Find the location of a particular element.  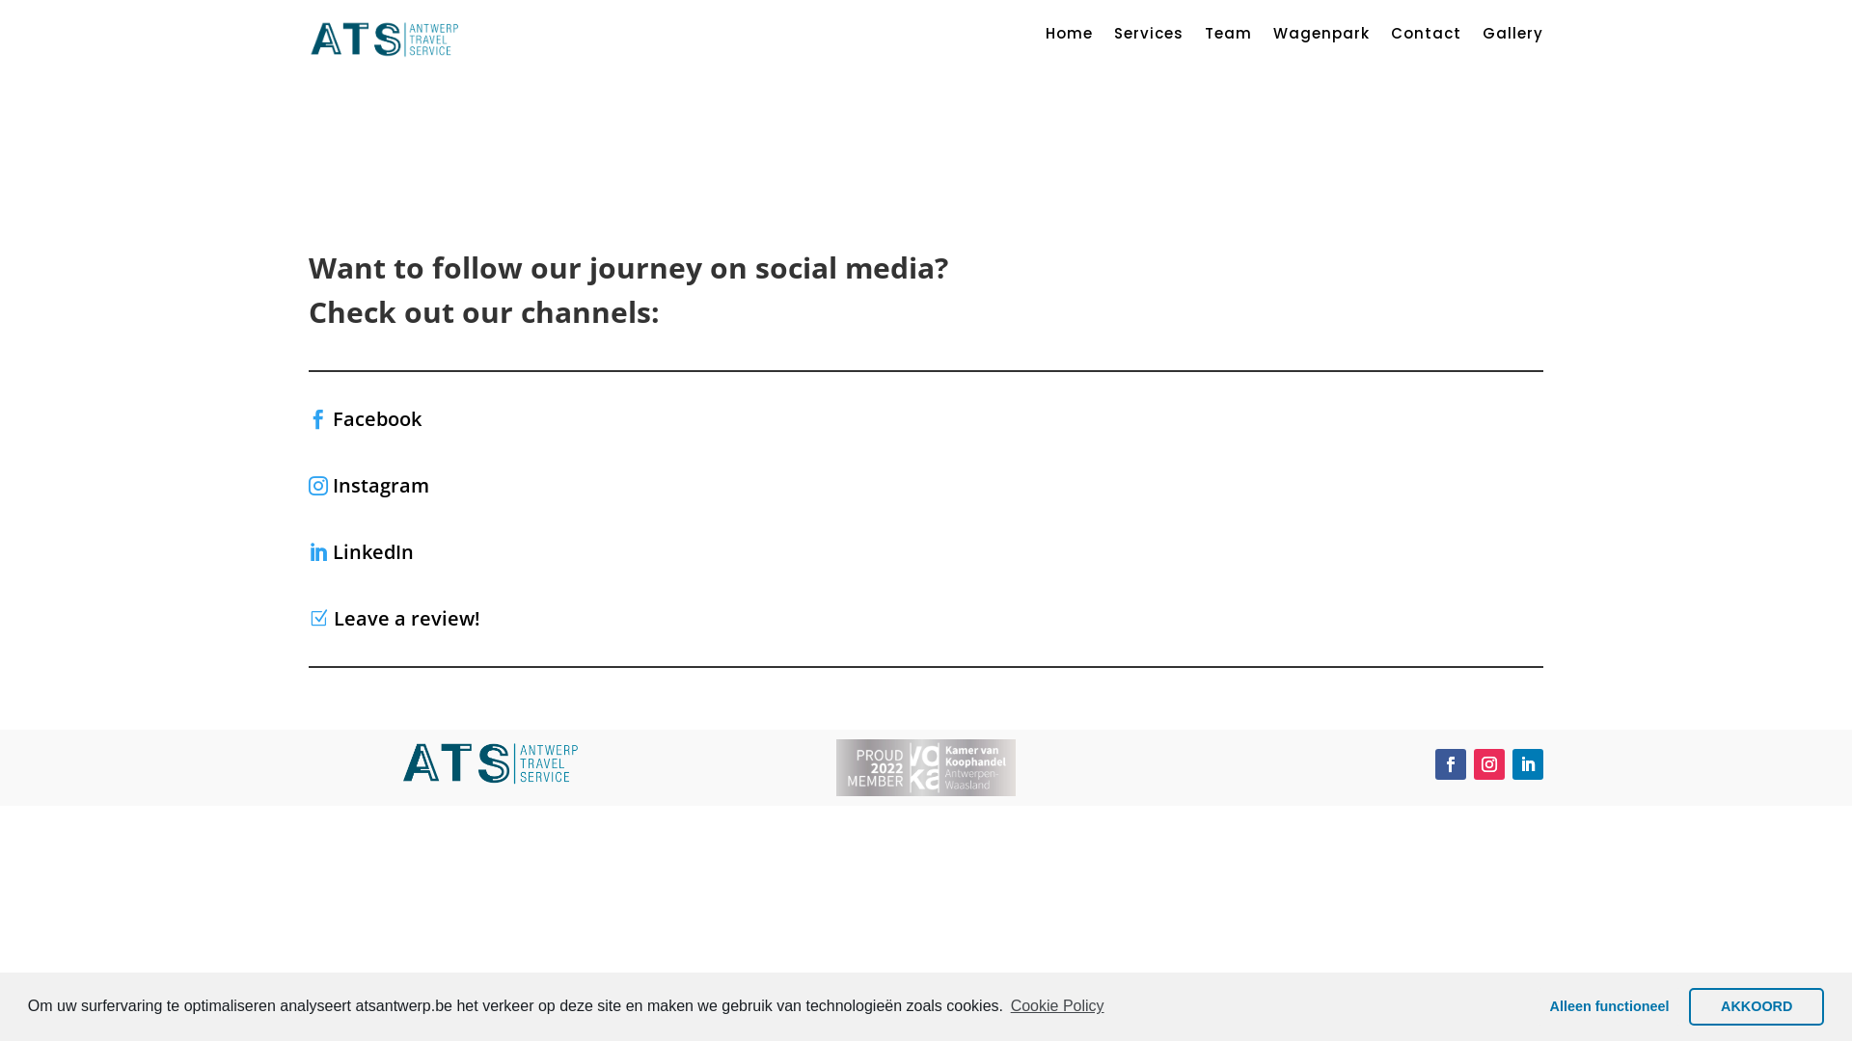

'Team' is located at coordinates (1227, 37).